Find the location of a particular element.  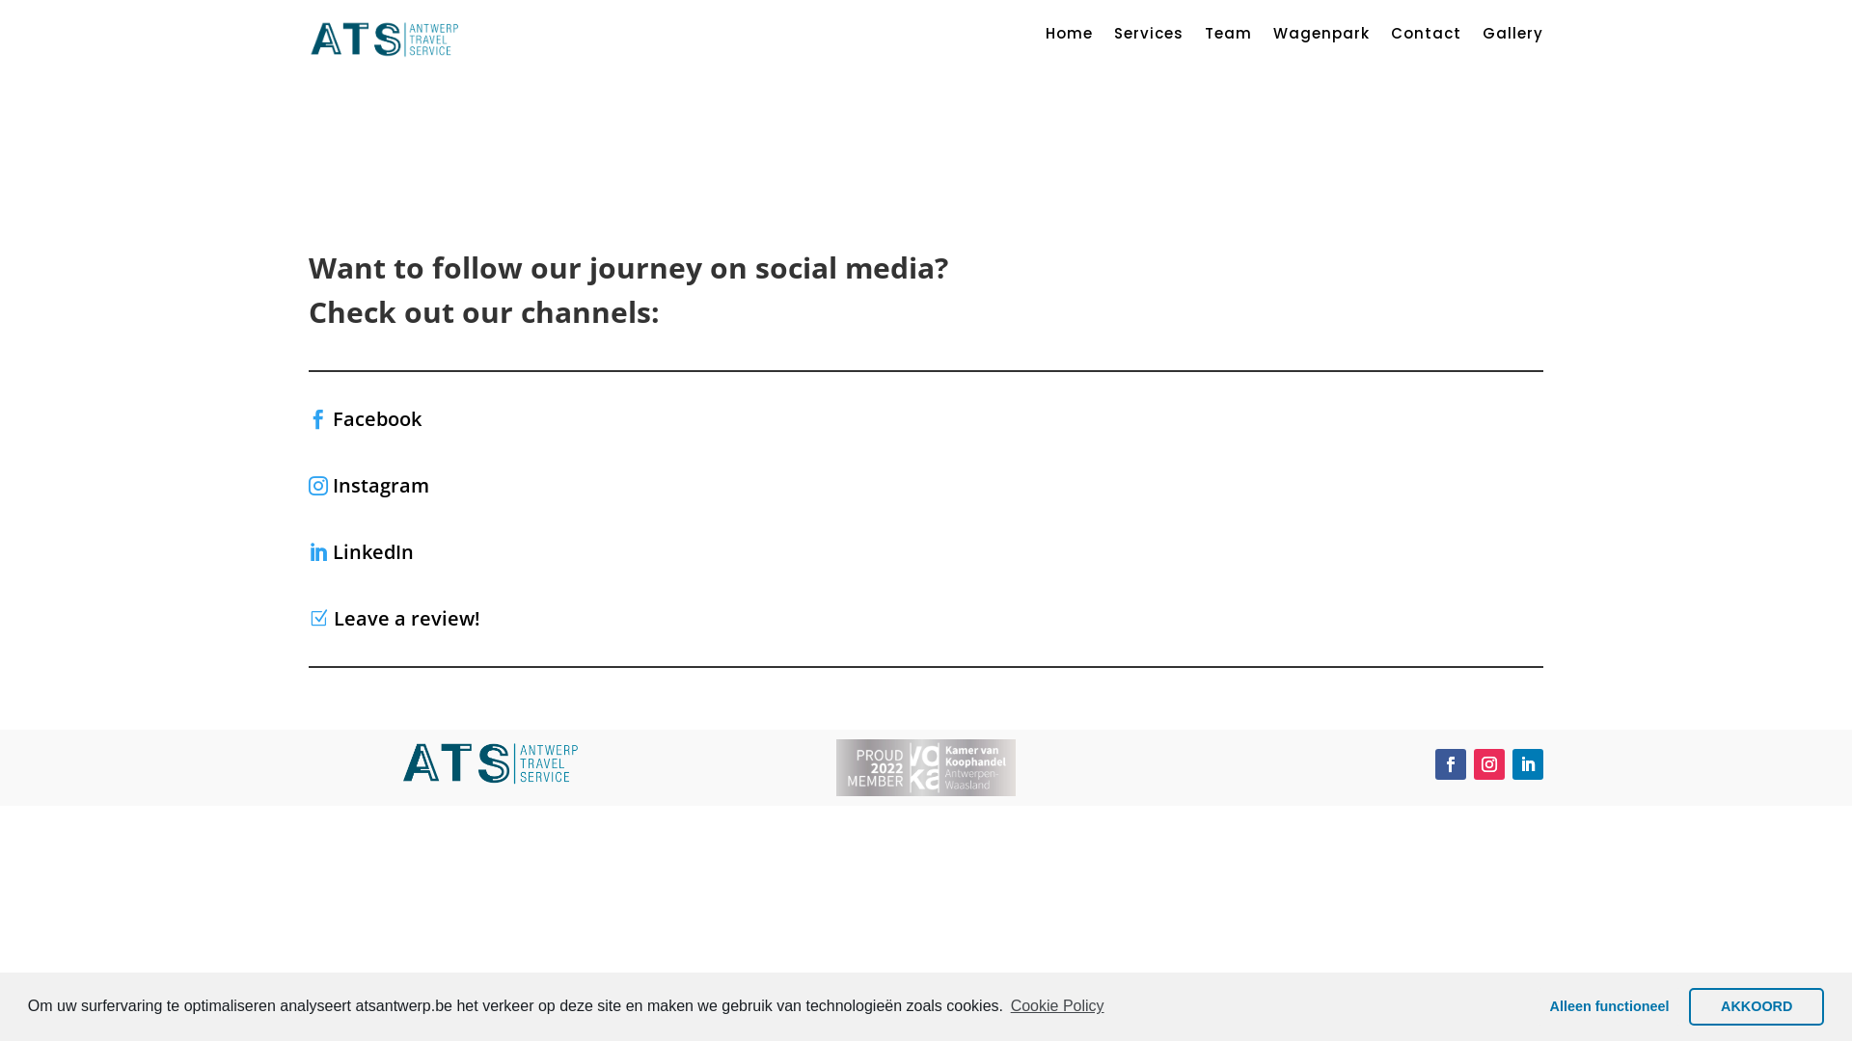

'Team' is located at coordinates (1227, 37).